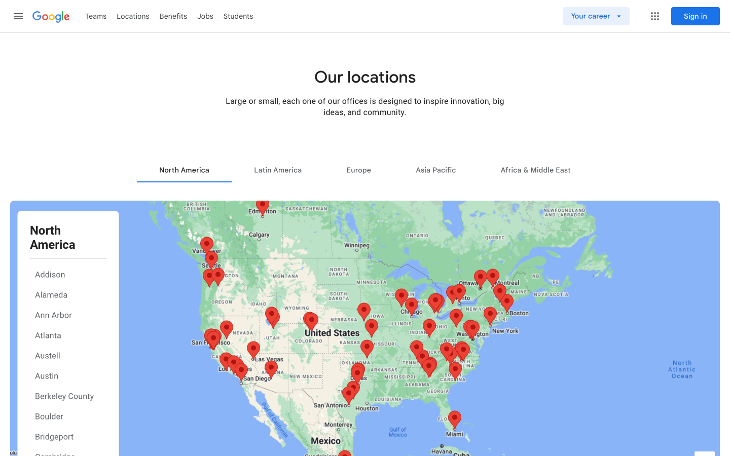 Image resolution: width=730 pixels, height=456 pixels. What do you see at coordinates (278, 169) in the screenshot?
I see `Monitor the Latin America Region for job openings` at bounding box center [278, 169].